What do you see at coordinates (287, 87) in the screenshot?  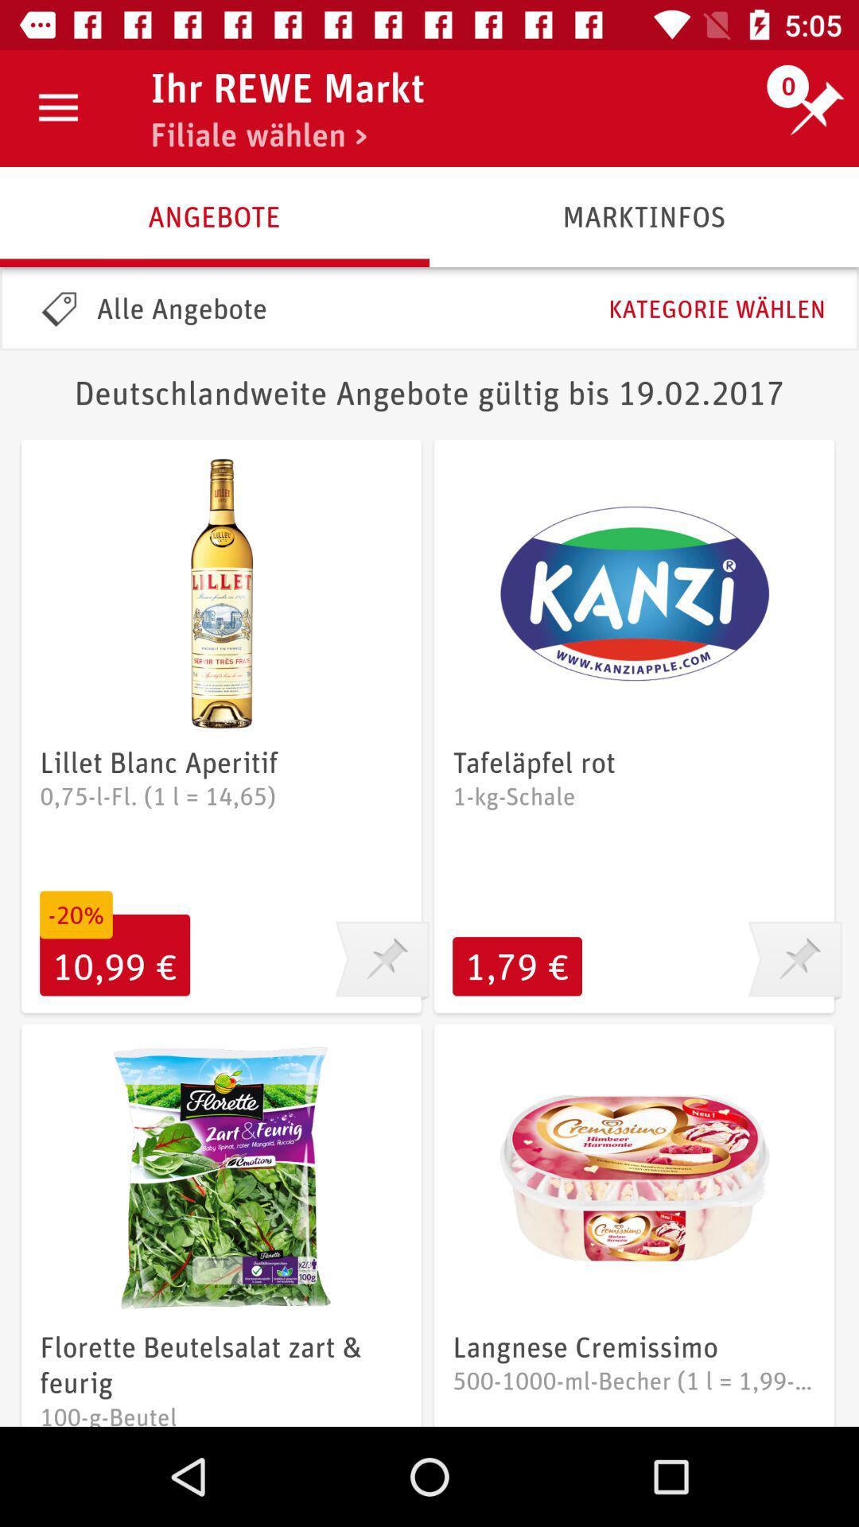 I see `icon next to the 0 item` at bounding box center [287, 87].